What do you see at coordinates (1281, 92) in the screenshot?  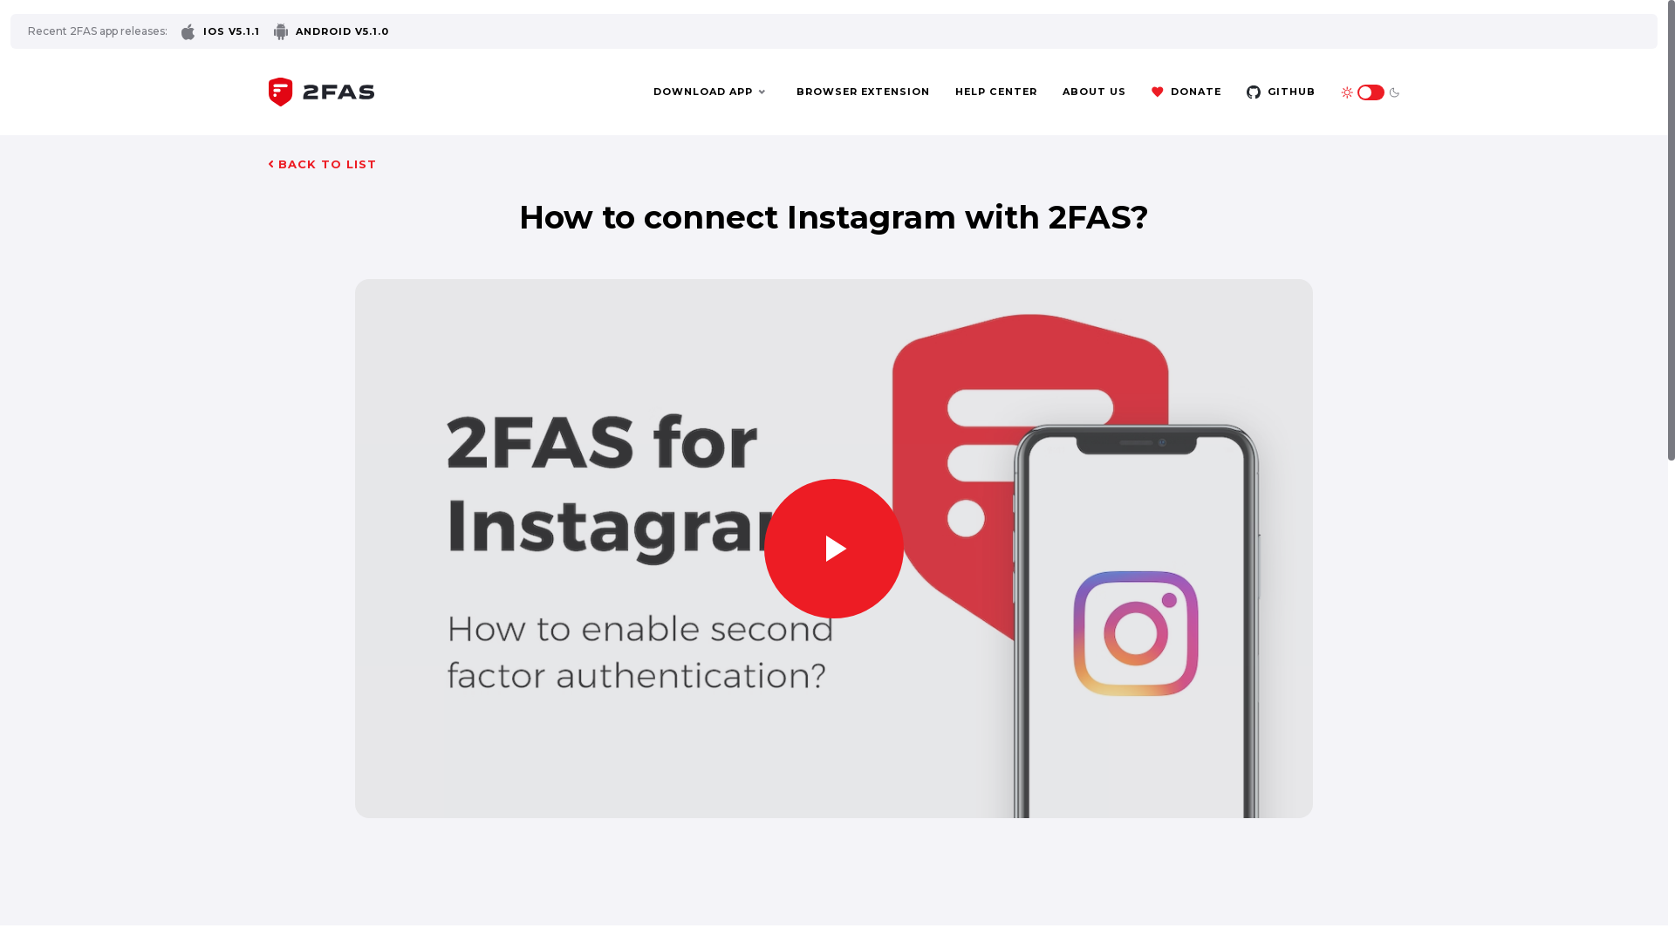 I see `'GITHUB'` at bounding box center [1281, 92].